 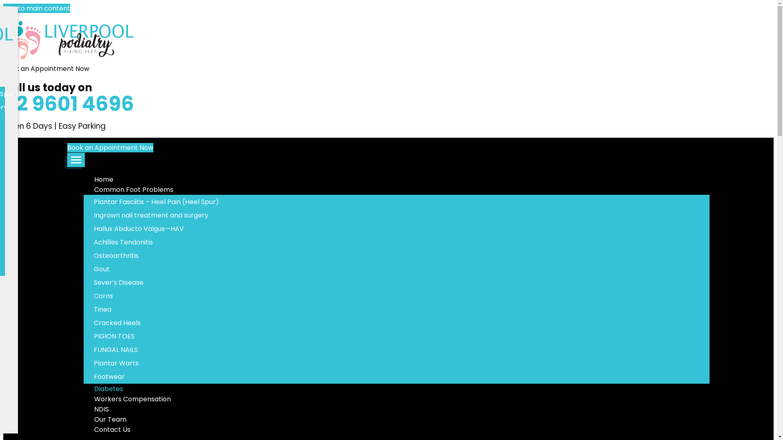 What do you see at coordinates (103, 179) in the screenshot?
I see `'Home'` at bounding box center [103, 179].